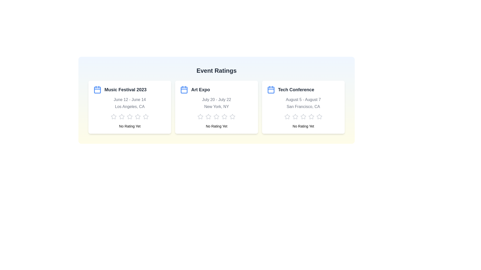 The width and height of the screenshot is (481, 270). I want to click on the container element corresponding to Art Expo, so click(216, 107).